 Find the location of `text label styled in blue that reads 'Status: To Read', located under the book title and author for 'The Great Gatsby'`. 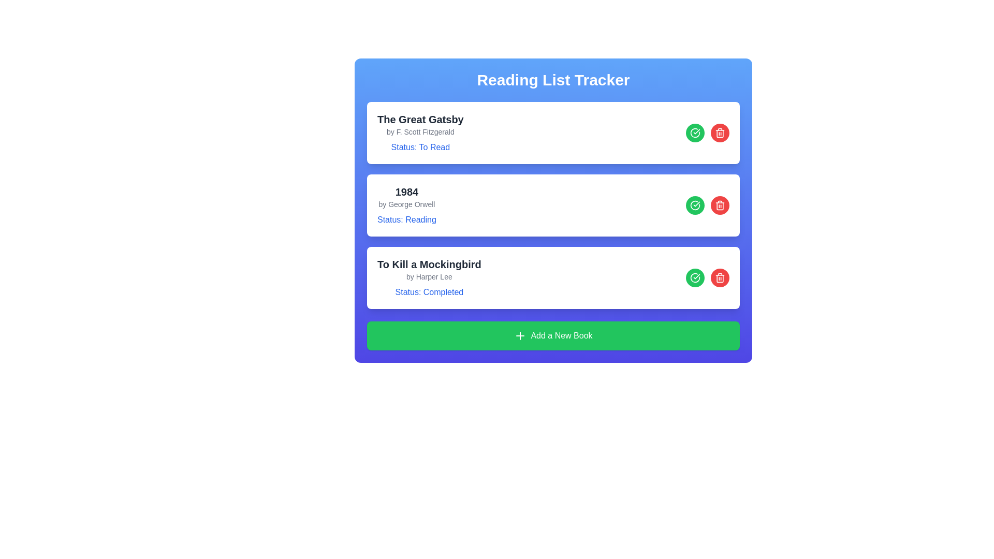

text label styled in blue that reads 'Status: To Read', located under the book title and author for 'The Great Gatsby' is located at coordinates (420, 148).